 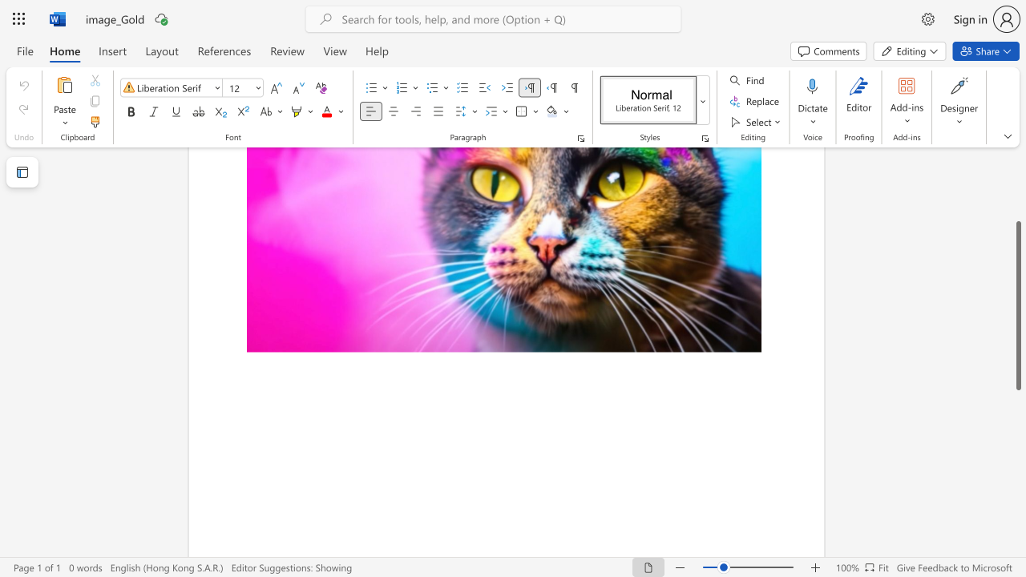 I want to click on the scrollbar to scroll upward, so click(x=1017, y=216).